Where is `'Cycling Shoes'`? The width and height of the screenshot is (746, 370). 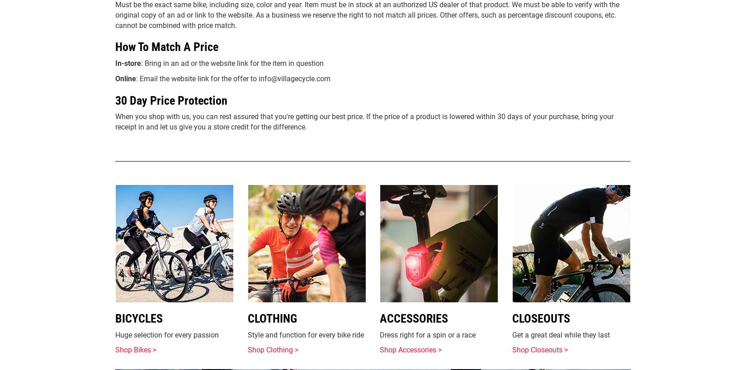
'Cycling Shoes' is located at coordinates (539, 111).